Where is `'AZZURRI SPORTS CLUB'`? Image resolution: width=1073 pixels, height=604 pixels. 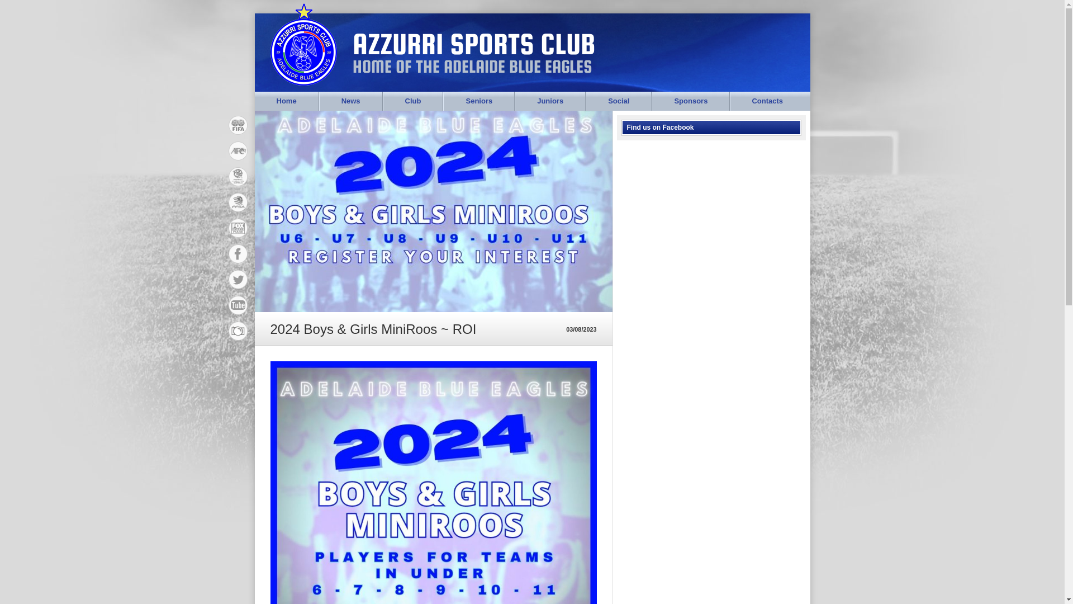
'AZZURRI SPORTS CLUB' is located at coordinates (469, 43).